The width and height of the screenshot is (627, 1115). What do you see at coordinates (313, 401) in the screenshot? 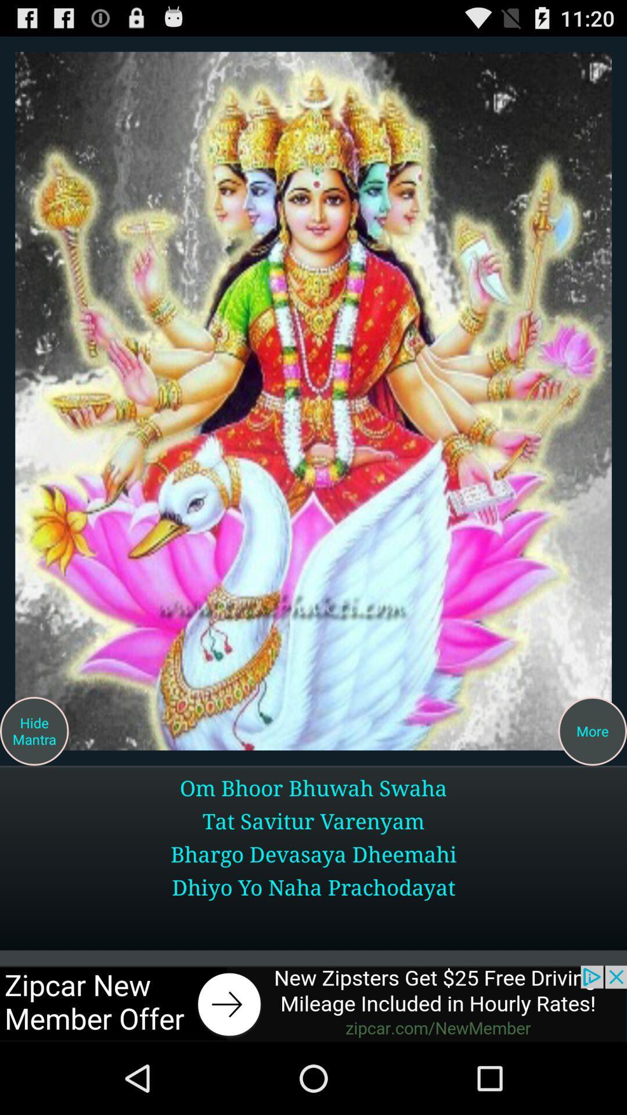
I see `click photo` at bounding box center [313, 401].